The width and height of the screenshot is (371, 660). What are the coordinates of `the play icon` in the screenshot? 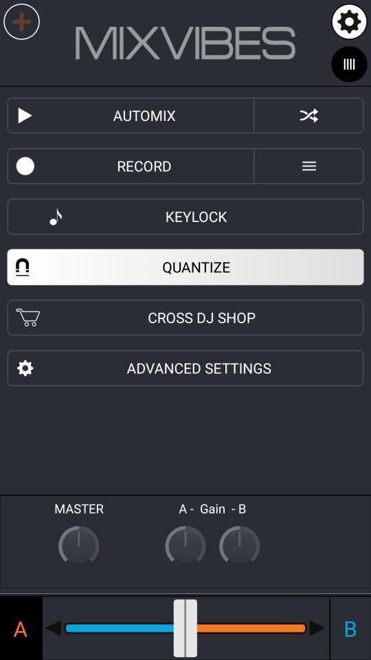 It's located at (29, 115).